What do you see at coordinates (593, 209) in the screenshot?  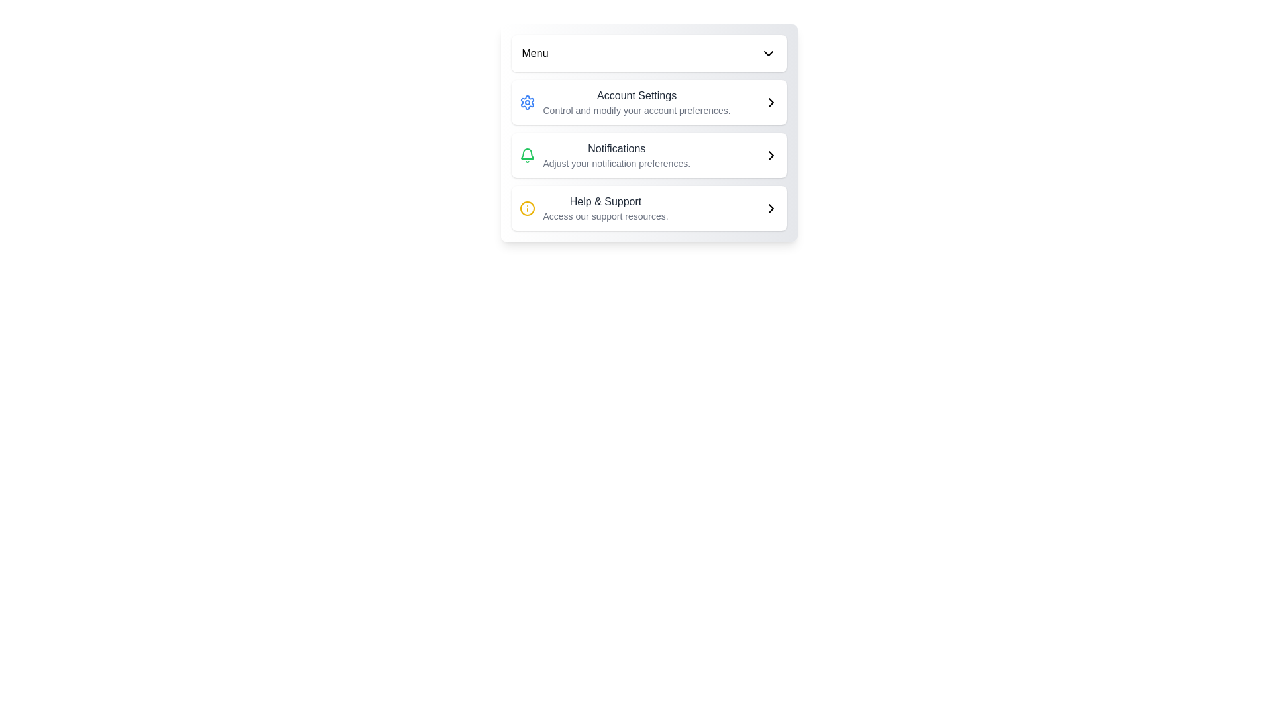 I see `the 'Help & Support' navigational link, which features a yellow circular icon with an information symbol and accompanying description text` at bounding box center [593, 209].